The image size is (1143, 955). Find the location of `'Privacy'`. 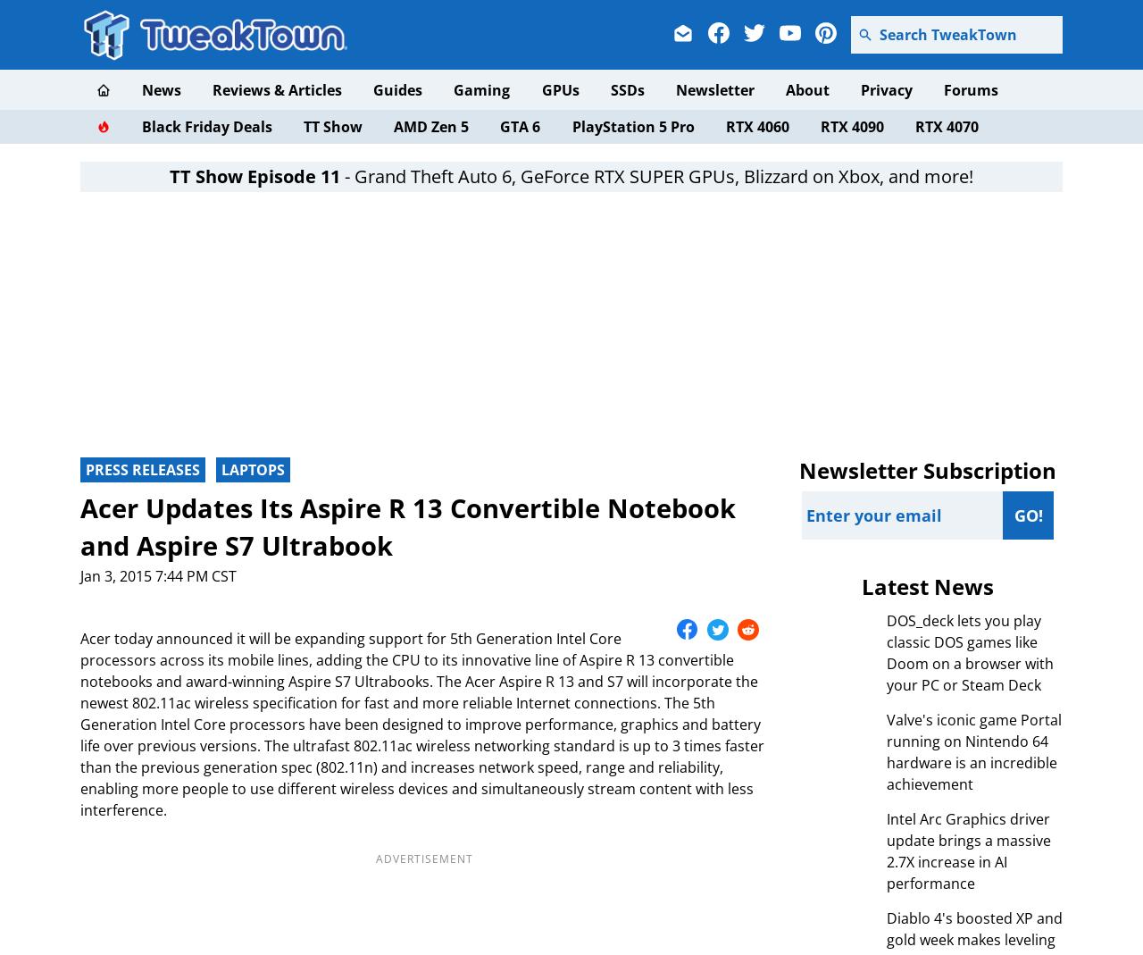

'Privacy' is located at coordinates (887, 89).